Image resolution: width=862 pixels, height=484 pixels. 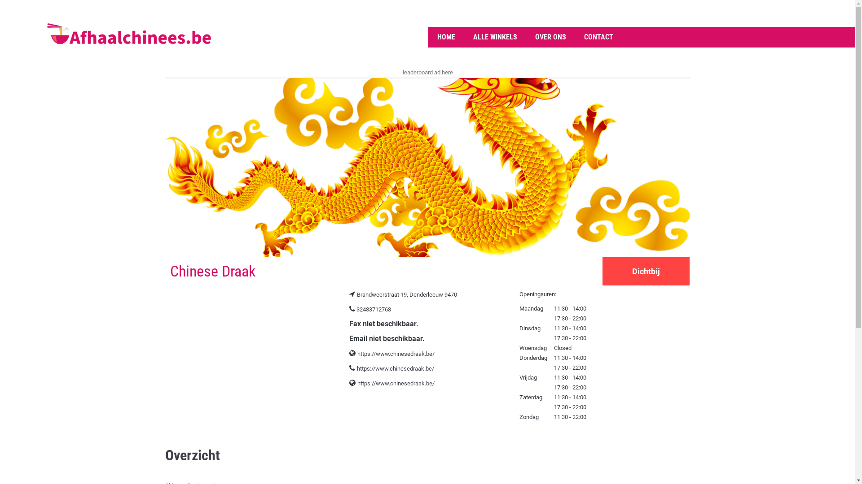 What do you see at coordinates (395, 368) in the screenshot?
I see `'https://www.chinesedraak.be/'` at bounding box center [395, 368].